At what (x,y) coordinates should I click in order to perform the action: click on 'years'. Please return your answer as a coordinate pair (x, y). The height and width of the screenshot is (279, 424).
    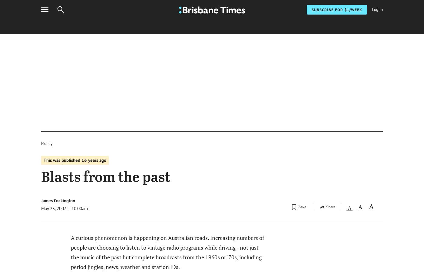
    Looking at the image, I should click on (93, 160).